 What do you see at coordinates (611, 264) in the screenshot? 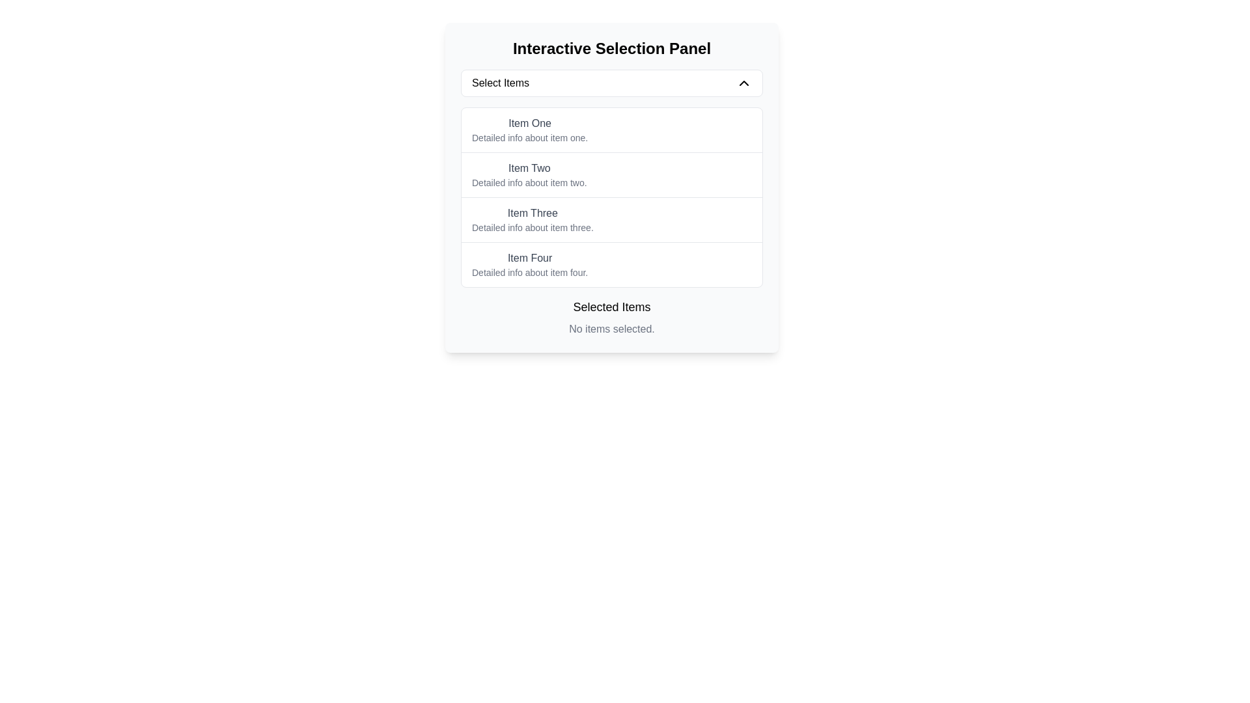
I see `on the list item displaying the title 'Item Four' with a detailed description below it, located in the Interactive Selection Panel` at bounding box center [611, 264].